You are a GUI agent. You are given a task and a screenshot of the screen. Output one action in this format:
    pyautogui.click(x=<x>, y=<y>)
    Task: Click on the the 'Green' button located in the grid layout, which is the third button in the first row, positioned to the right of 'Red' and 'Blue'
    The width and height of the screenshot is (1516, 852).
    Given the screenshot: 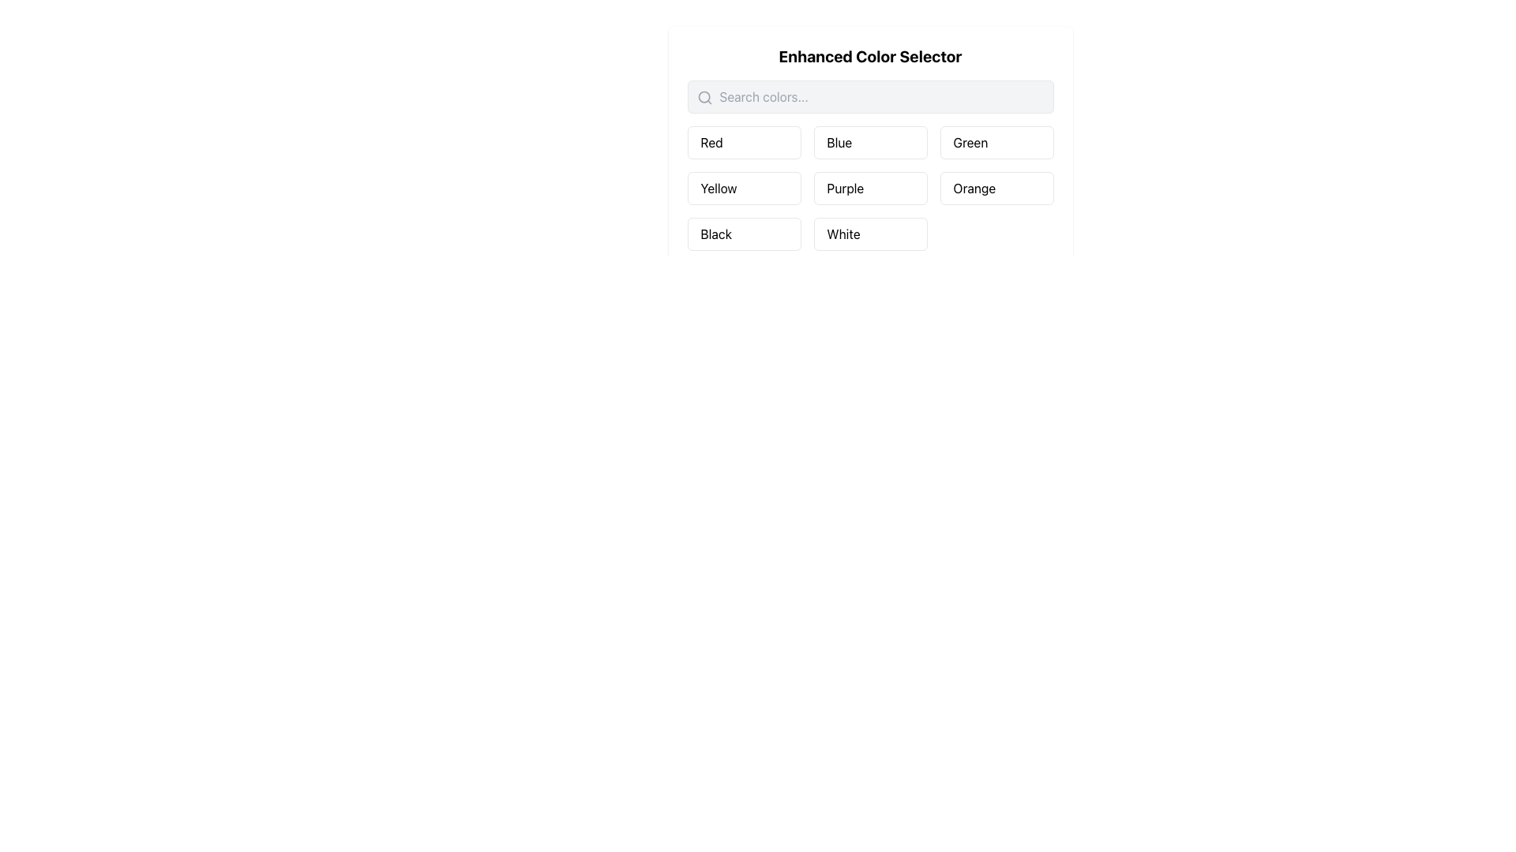 What is the action you would take?
    pyautogui.click(x=996, y=143)
    